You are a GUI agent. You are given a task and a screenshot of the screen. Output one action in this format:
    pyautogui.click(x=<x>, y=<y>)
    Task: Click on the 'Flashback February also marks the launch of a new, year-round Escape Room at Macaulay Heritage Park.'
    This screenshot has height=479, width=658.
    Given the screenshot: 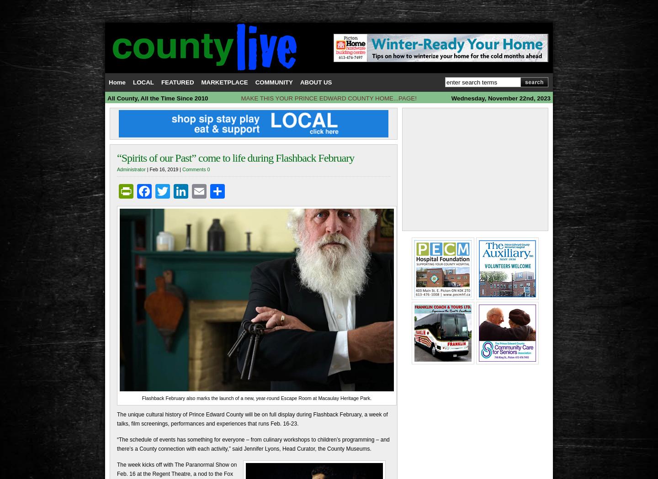 What is the action you would take?
    pyautogui.click(x=142, y=397)
    